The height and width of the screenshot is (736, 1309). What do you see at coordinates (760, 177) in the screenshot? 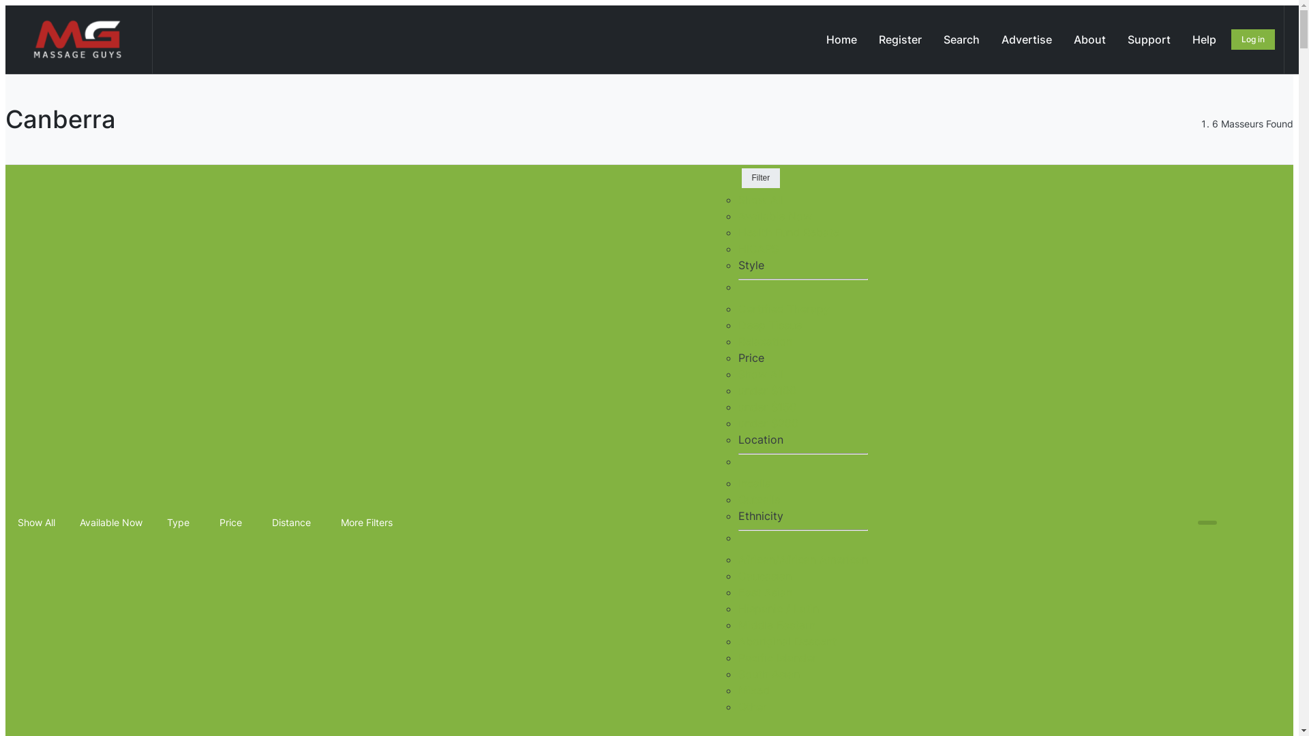
I see `'Filter'` at bounding box center [760, 177].